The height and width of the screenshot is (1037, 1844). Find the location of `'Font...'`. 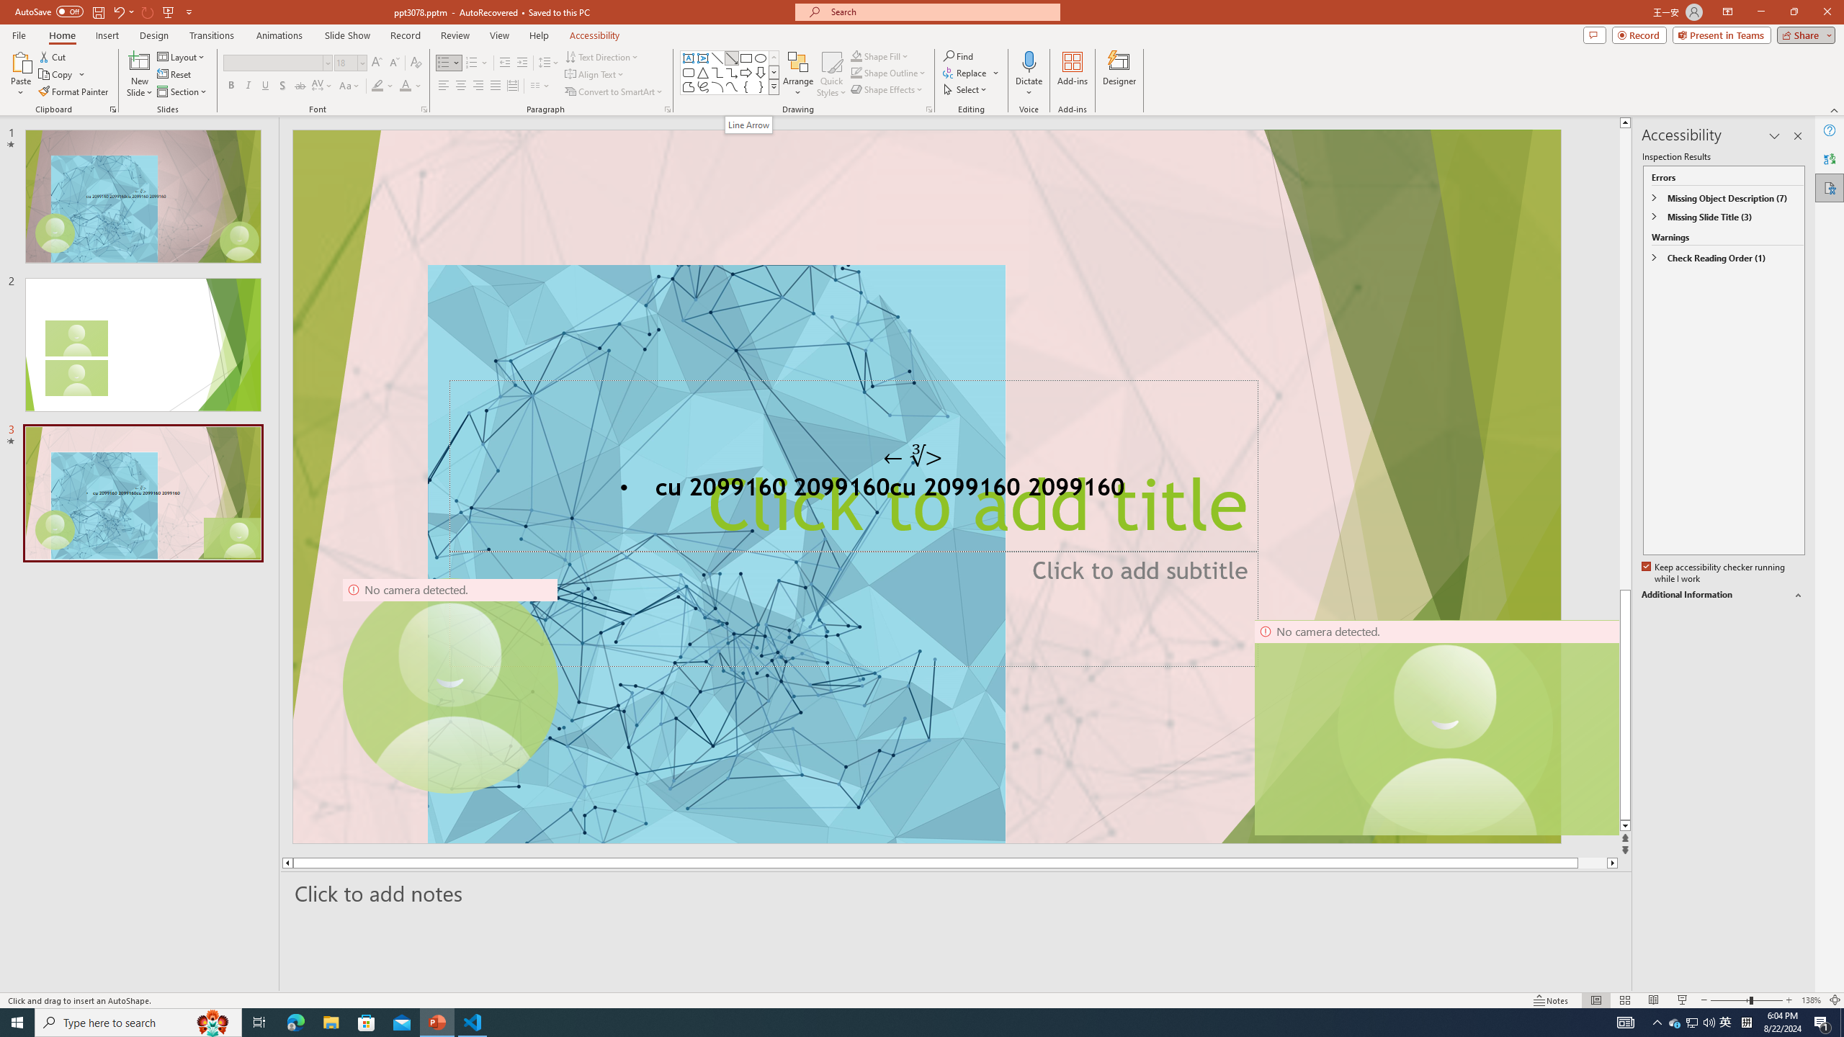

'Font...' is located at coordinates (423, 108).